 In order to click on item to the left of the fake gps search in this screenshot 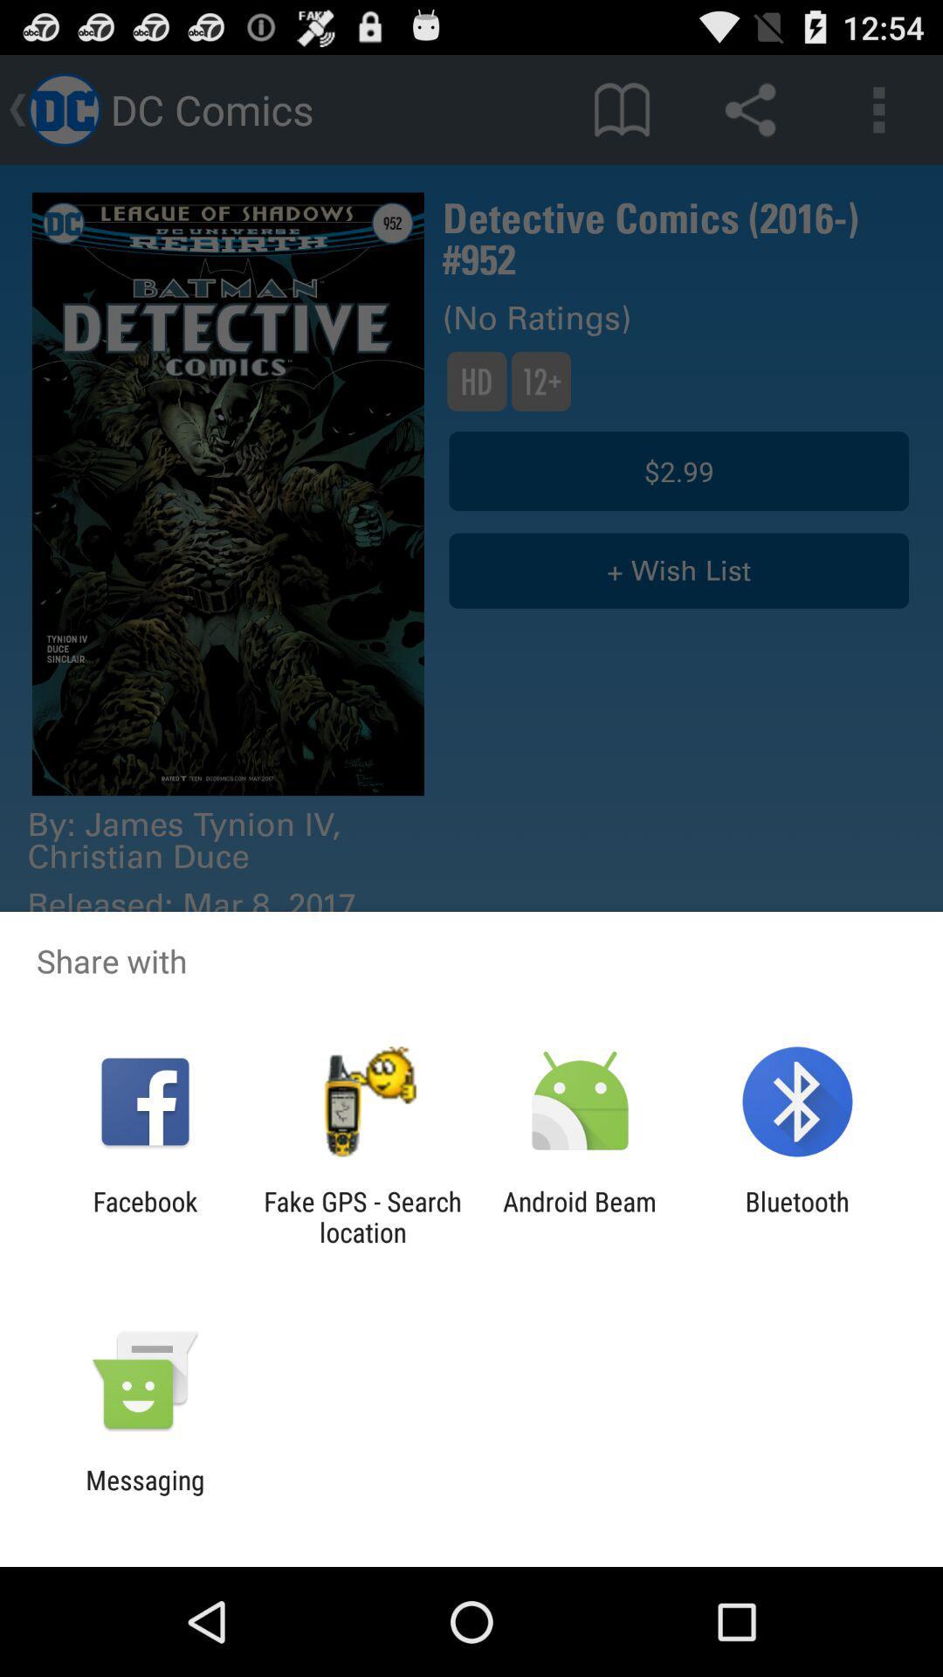, I will do `click(144, 1216)`.